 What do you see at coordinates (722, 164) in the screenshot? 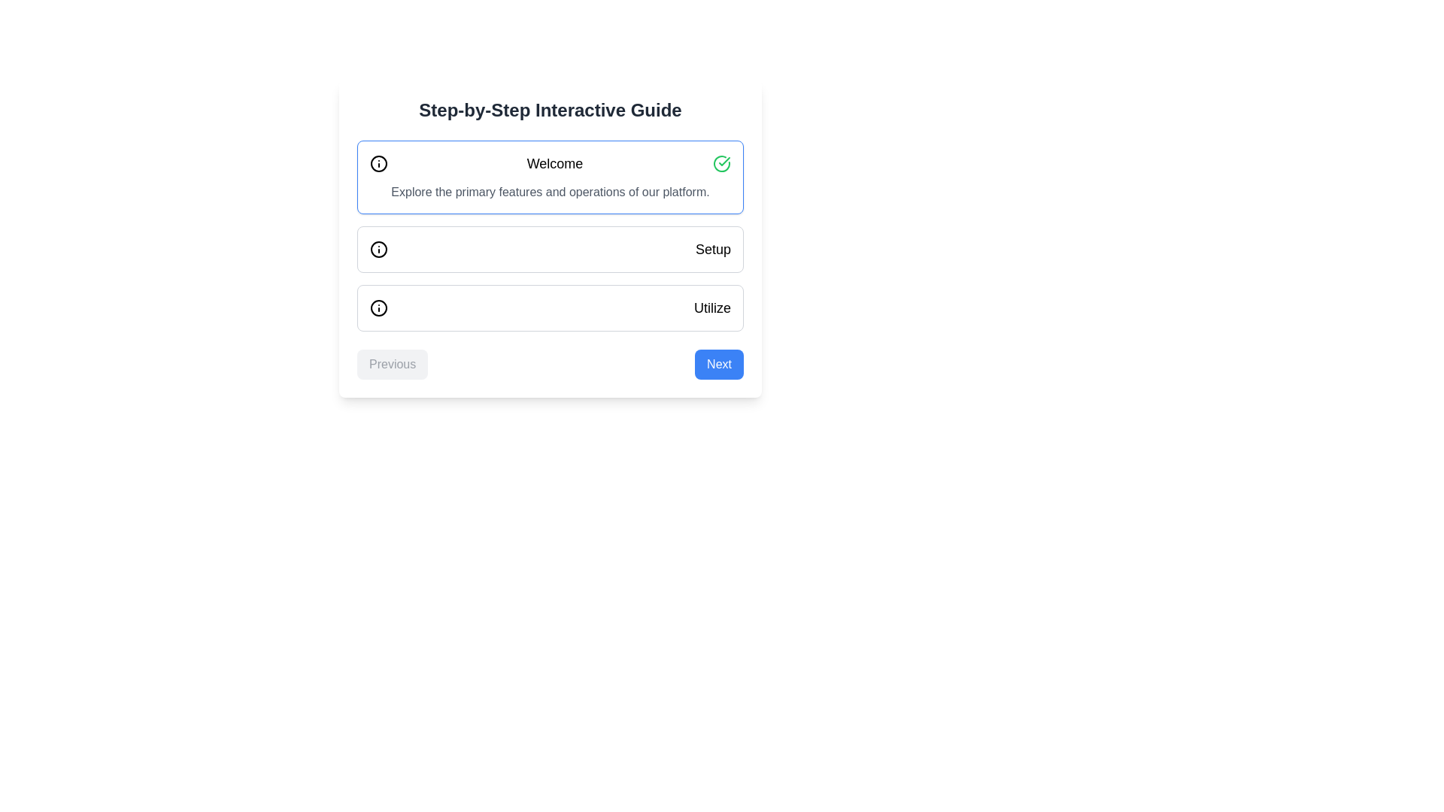
I see `the visual indicator icon that signifies the completion of the step corresponding to the 'Welcome' text` at bounding box center [722, 164].